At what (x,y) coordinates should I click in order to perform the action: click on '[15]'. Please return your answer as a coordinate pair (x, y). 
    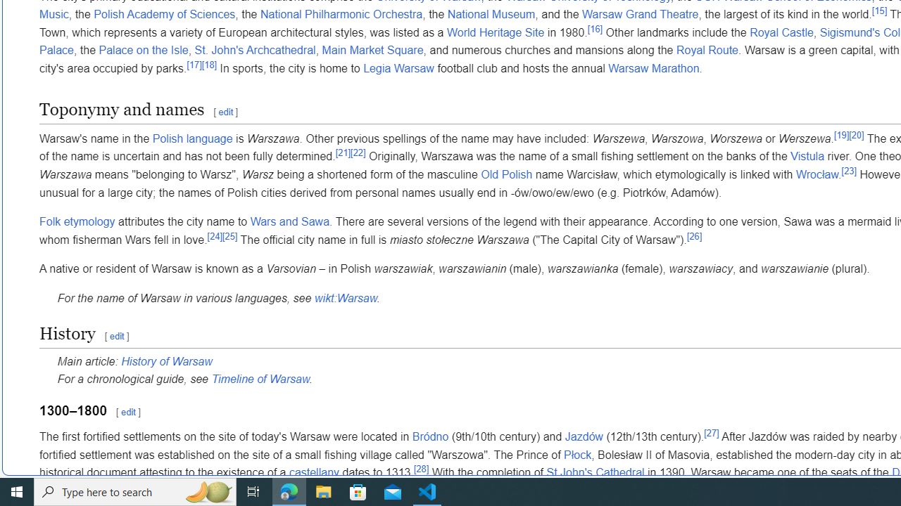
    Looking at the image, I should click on (878, 11).